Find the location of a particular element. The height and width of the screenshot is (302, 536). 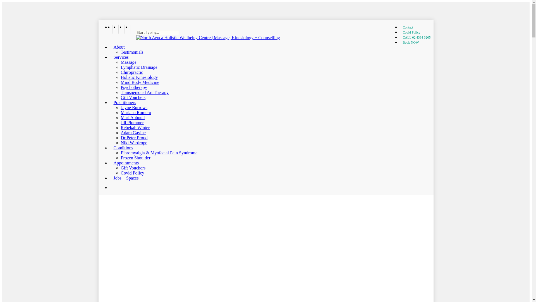

'linkedin' is located at coordinates (118, 29).